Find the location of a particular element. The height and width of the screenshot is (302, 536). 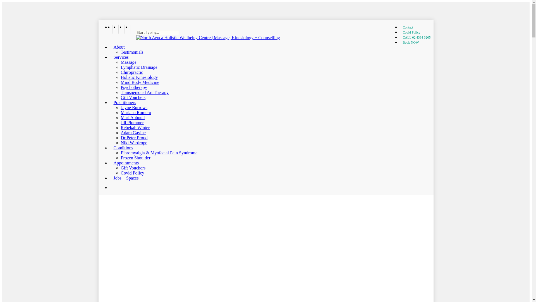

'linkedin' is located at coordinates (118, 29).